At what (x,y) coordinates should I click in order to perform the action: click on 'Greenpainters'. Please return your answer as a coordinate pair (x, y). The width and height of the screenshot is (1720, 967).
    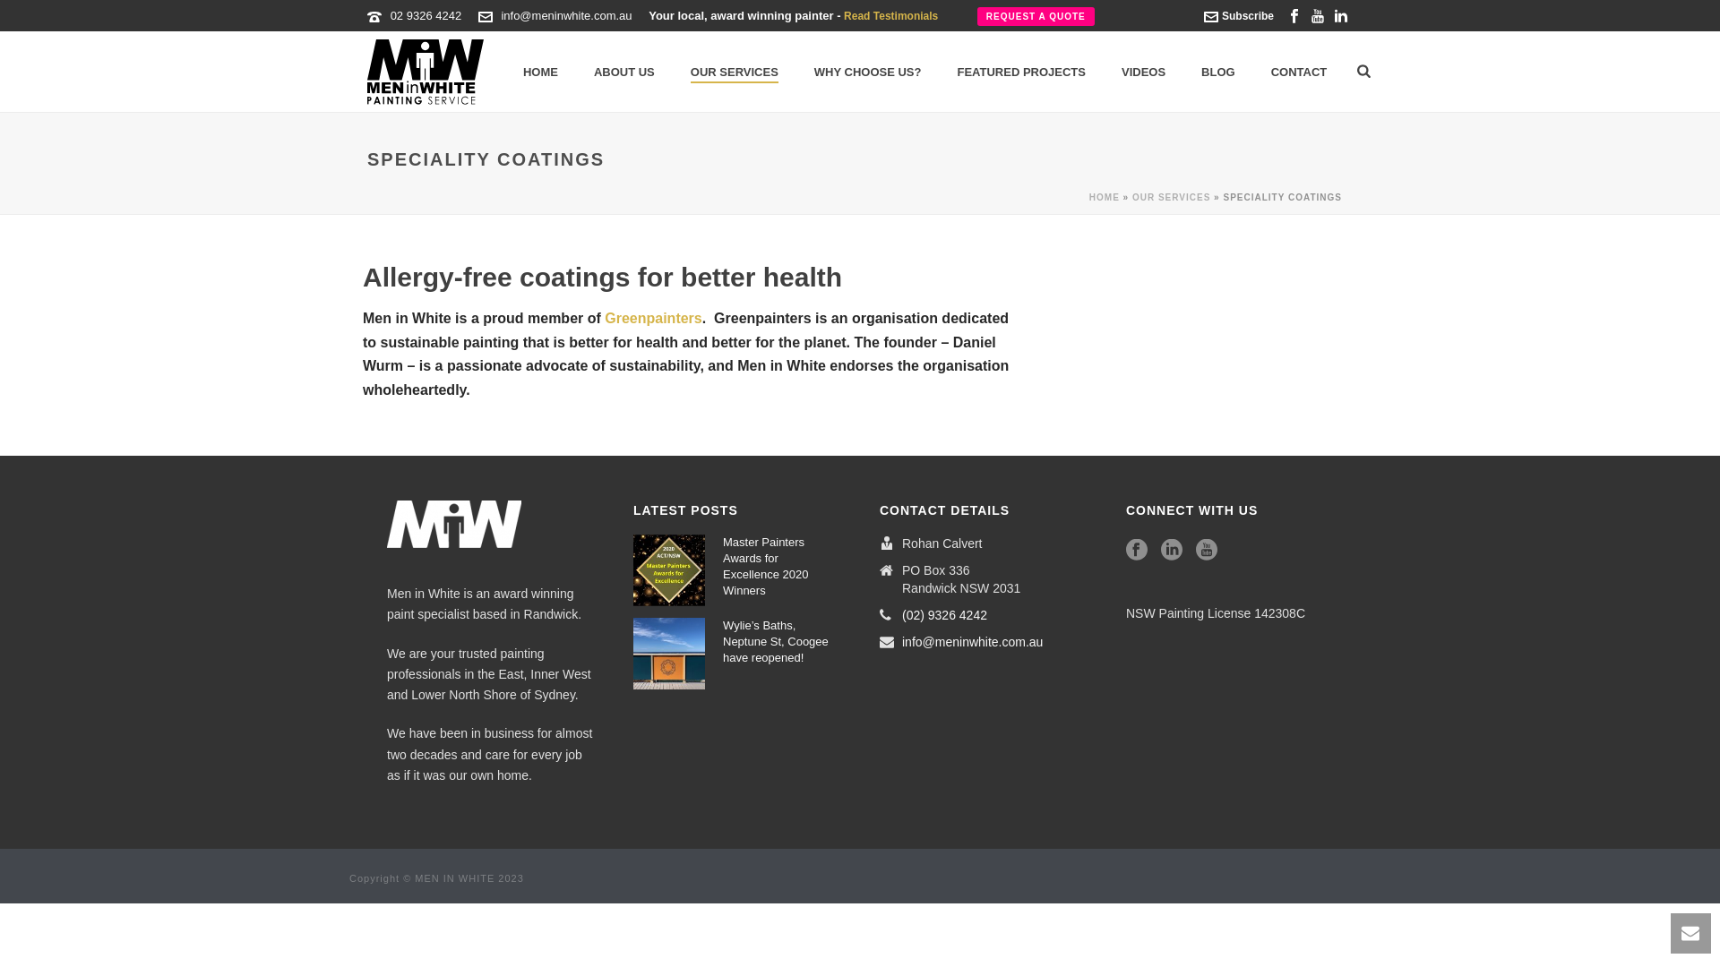
    Looking at the image, I should click on (652, 317).